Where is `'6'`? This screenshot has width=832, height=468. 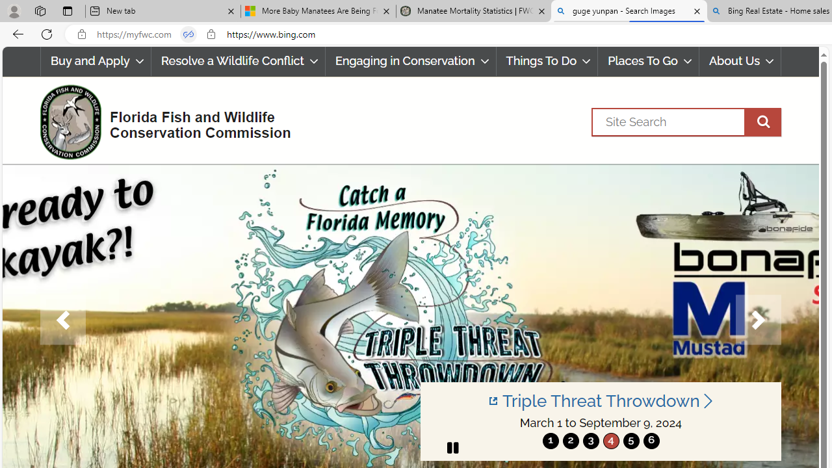
'6' is located at coordinates (651, 440).